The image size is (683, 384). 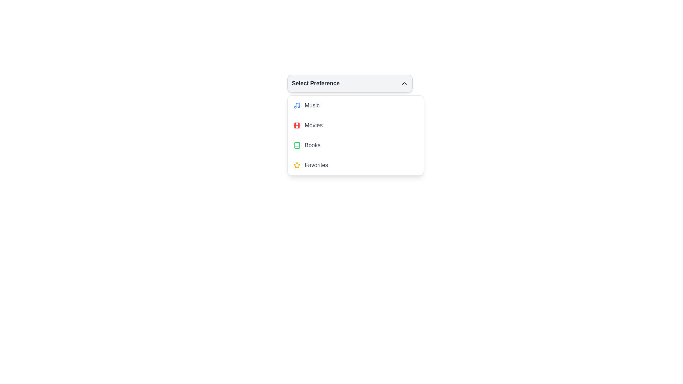 I want to click on one of the items in the dropdown menu for selecting a preference among Music, Movies, Books, and Favorites, so click(x=355, y=135).